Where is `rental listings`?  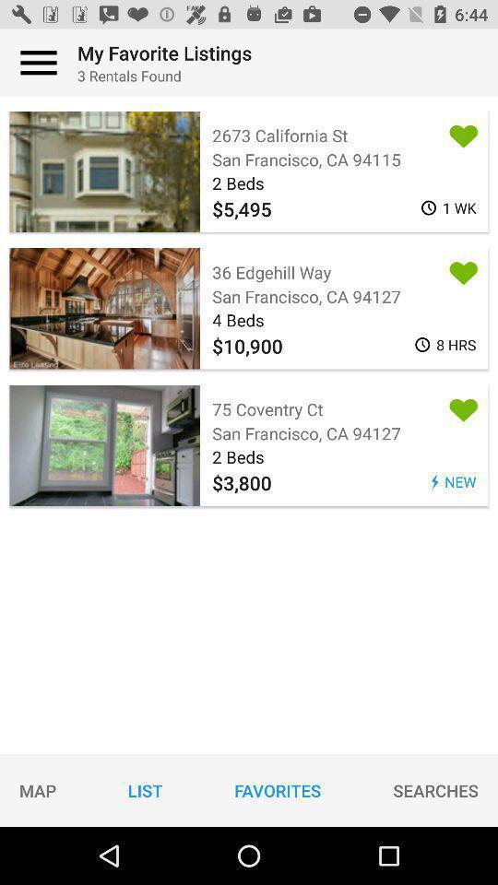
rental listings is located at coordinates (39, 63).